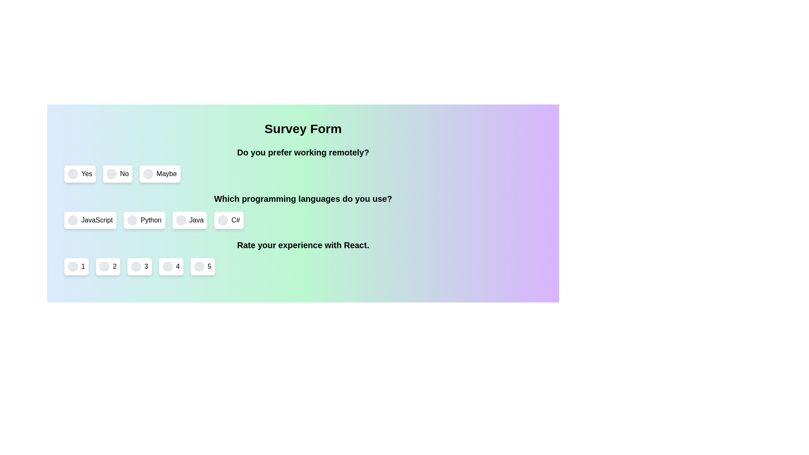 This screenshot has width=809, height=455. Describe the element at coordinates (223, 220) in the screenshot. I see `the radio button option for 'C#'` at that location.